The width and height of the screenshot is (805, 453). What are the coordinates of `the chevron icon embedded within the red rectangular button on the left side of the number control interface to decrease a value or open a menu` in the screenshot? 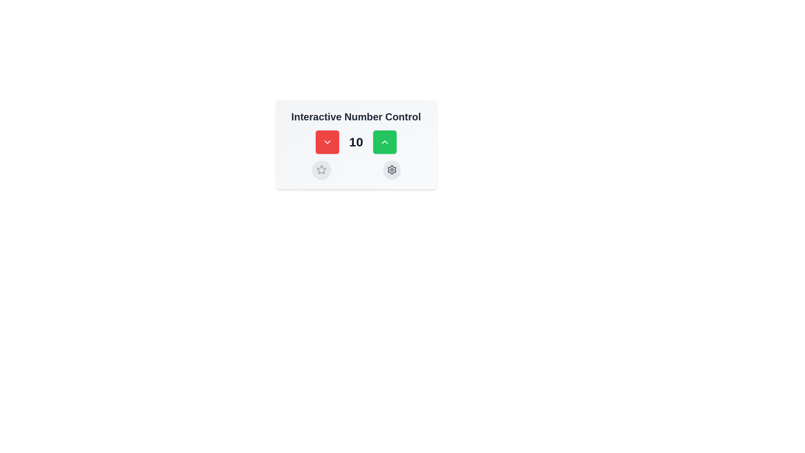 It's located at (327, 142).